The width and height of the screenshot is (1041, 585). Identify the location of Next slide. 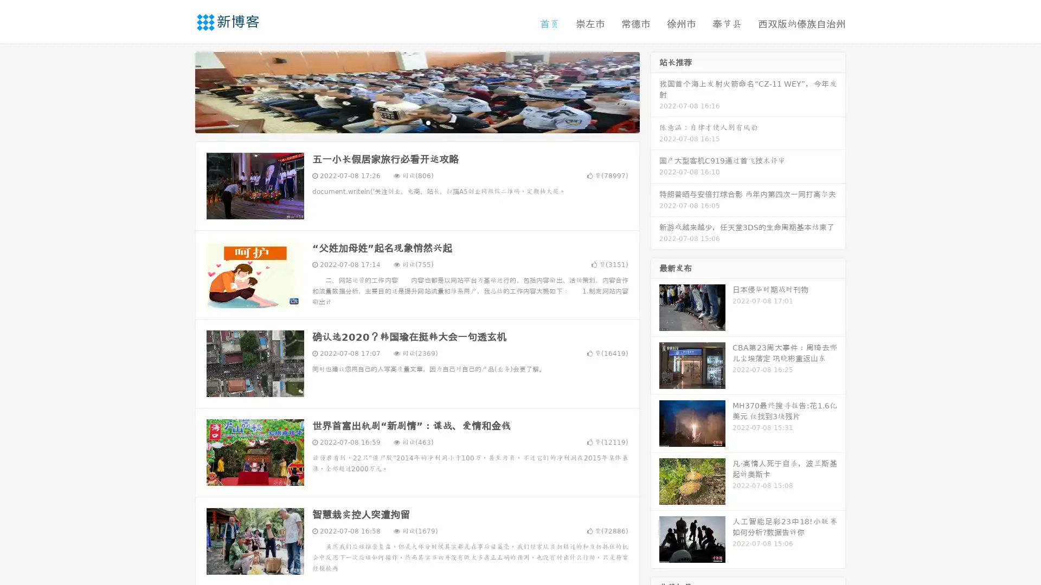
(655, 91).